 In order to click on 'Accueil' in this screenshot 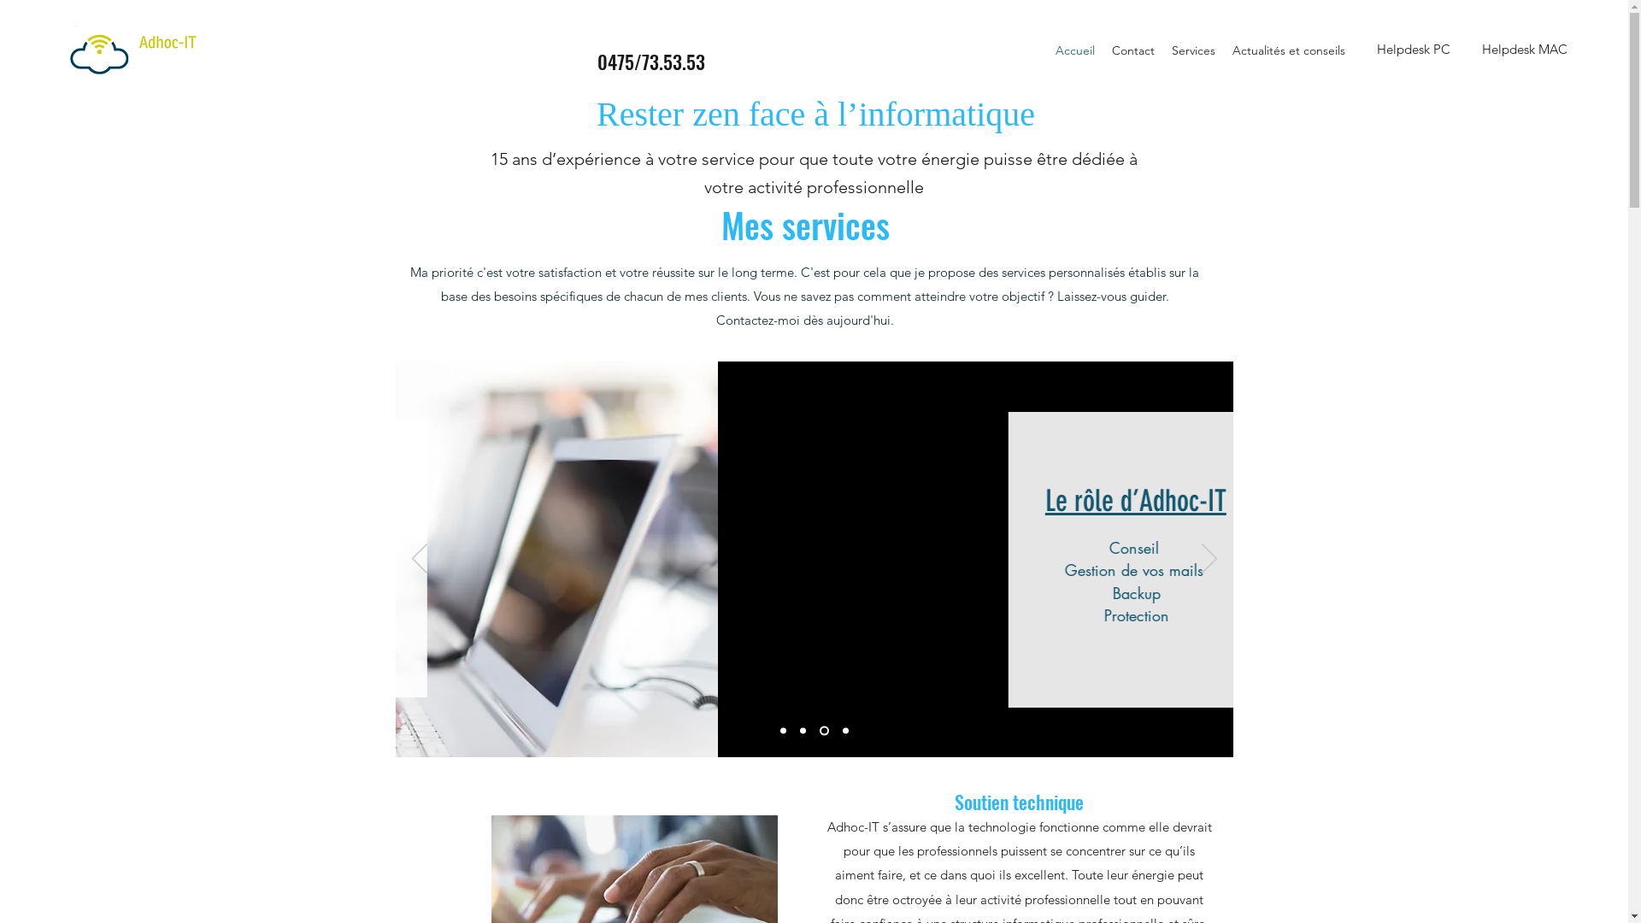, I will do `click(1045, 49)`.